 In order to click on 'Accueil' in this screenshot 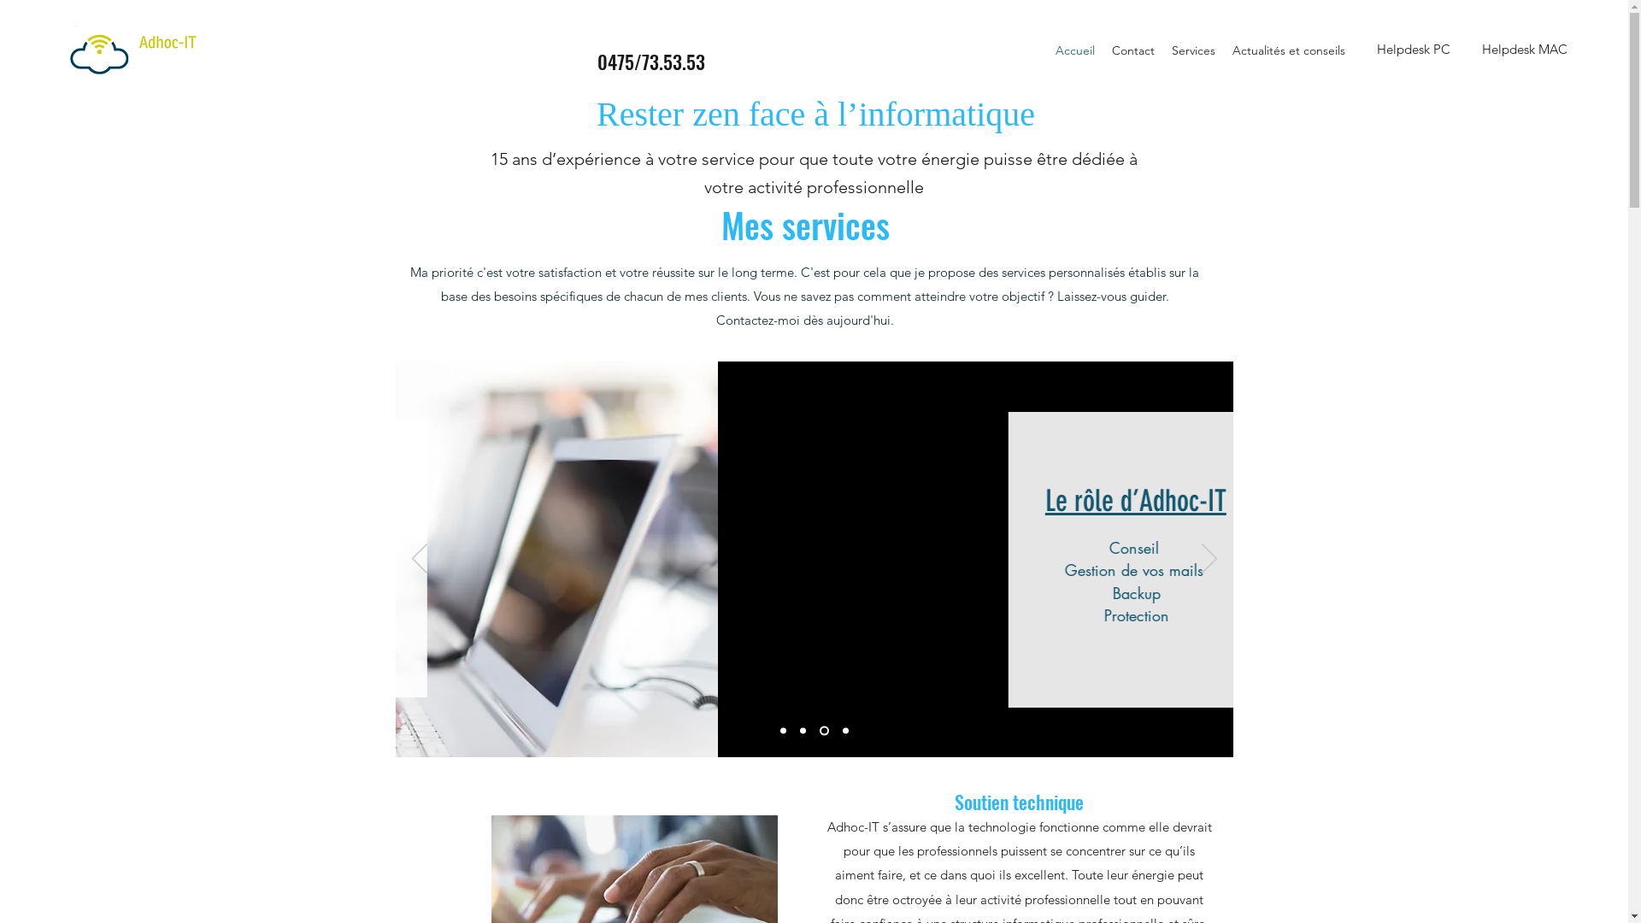, I will do `click(1045, 49)`.